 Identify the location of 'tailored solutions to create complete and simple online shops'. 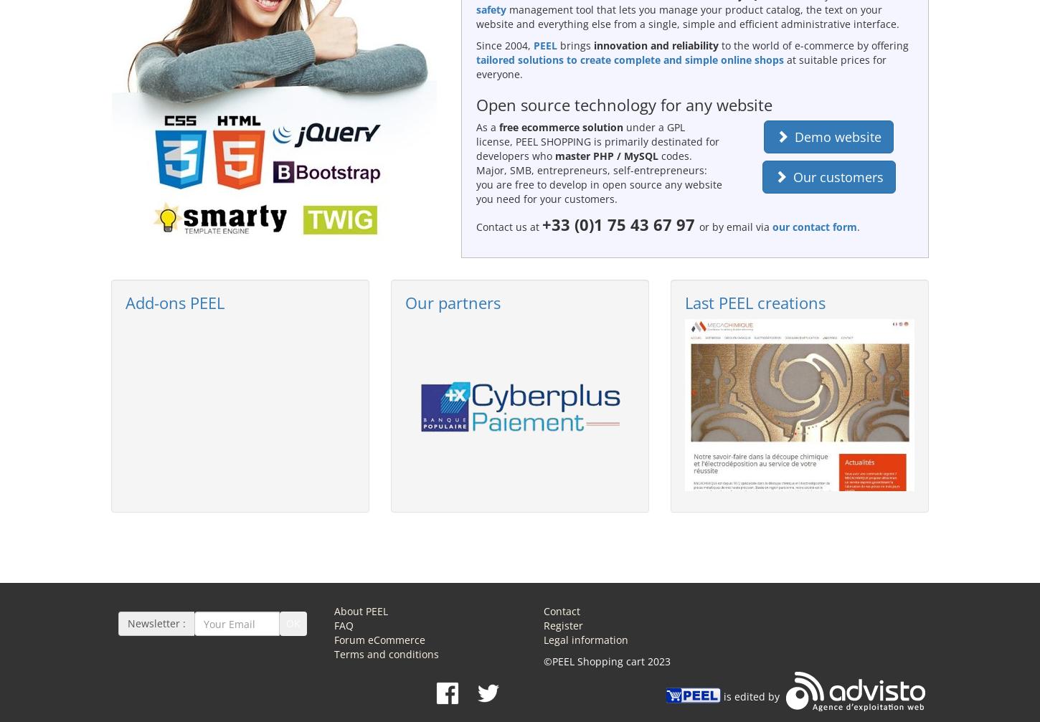
(628, 59).